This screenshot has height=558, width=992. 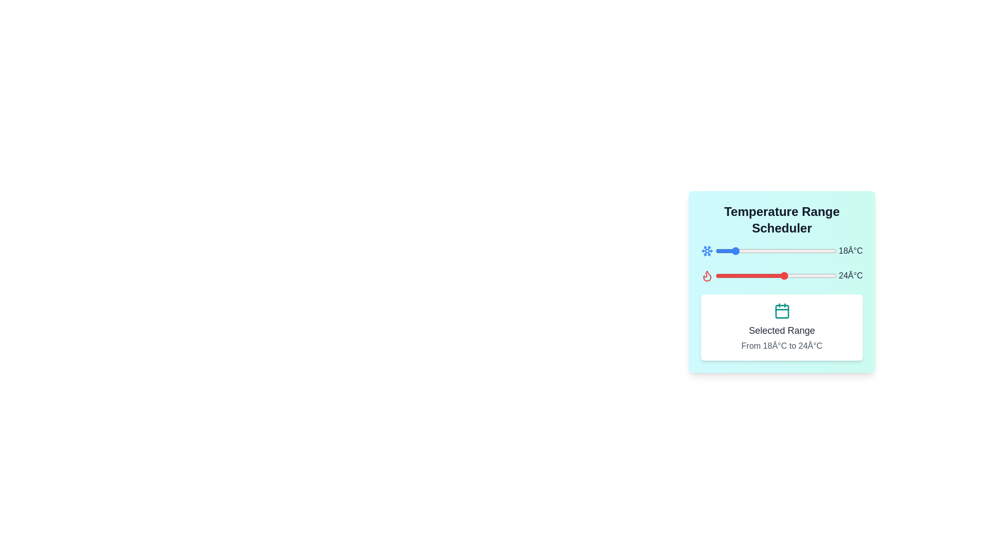 I want to click on the Informational panel that displays the currently selected temperature range, located at the bottom section of the 'Temperature Range Scheduler' panel, so click(x=782, y=327).